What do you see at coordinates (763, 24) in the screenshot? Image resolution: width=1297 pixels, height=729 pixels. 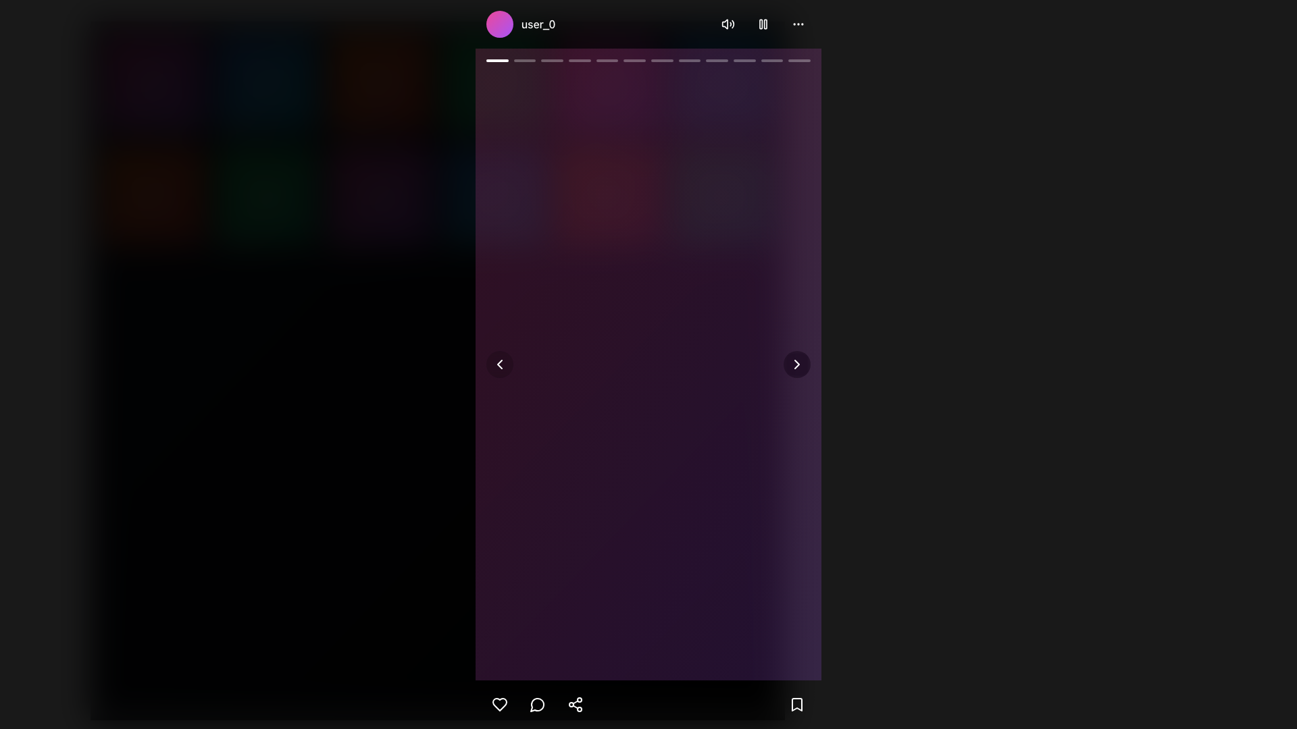 I see `the pause icon in the Control bar located at the top-right corner of the interface` at bounding box center [763, 24].